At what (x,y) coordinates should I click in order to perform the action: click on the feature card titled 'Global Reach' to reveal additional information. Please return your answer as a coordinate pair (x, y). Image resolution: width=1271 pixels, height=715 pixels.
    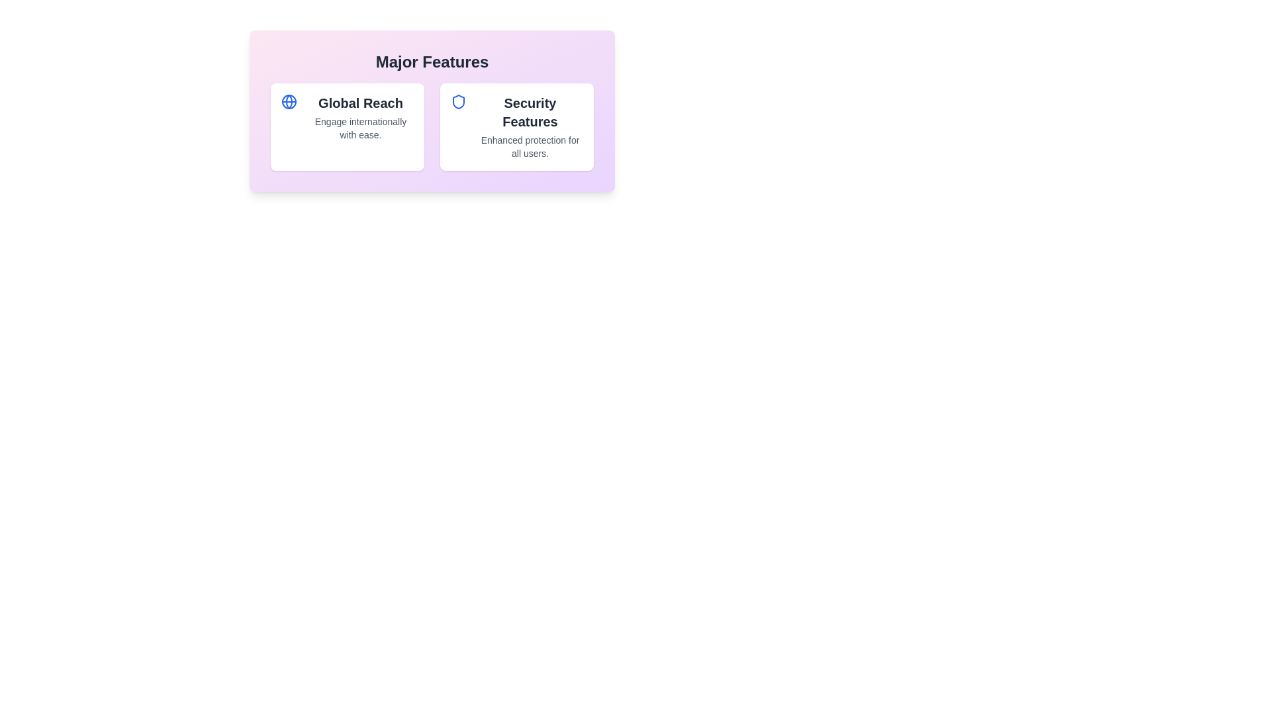
    Looking at the image, I should click on (347, 127).